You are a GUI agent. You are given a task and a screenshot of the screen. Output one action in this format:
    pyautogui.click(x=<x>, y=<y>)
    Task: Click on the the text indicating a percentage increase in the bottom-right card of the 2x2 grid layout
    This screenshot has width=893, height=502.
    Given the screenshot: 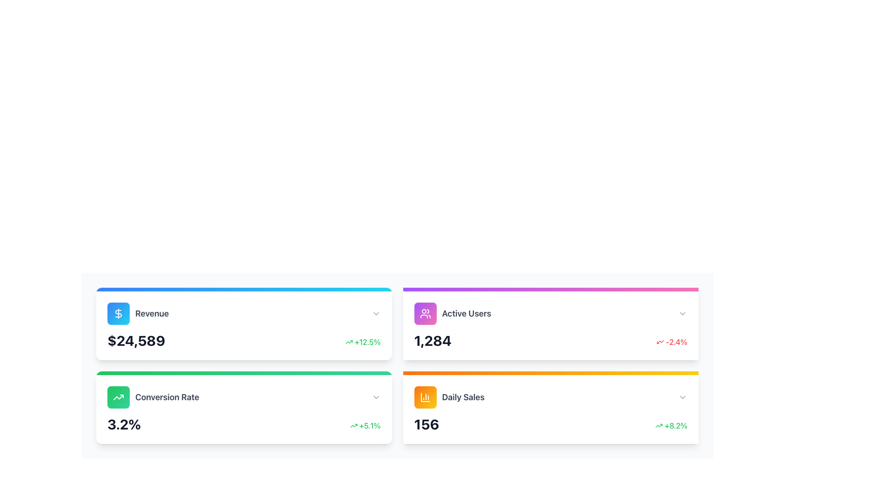 What is the action you would take?
    pyautogui.click(x=676, y=425)
    